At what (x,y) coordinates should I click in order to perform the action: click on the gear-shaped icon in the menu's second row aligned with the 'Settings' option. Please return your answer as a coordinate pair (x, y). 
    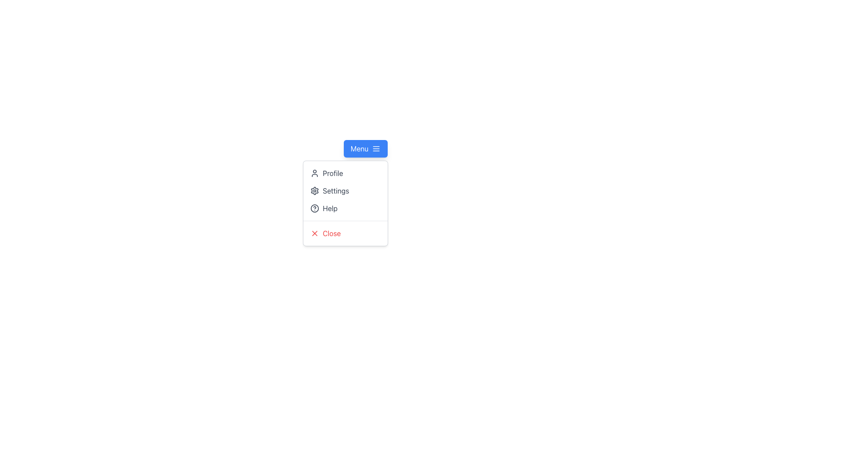
    Looking at the image, I should click on (315, 190).